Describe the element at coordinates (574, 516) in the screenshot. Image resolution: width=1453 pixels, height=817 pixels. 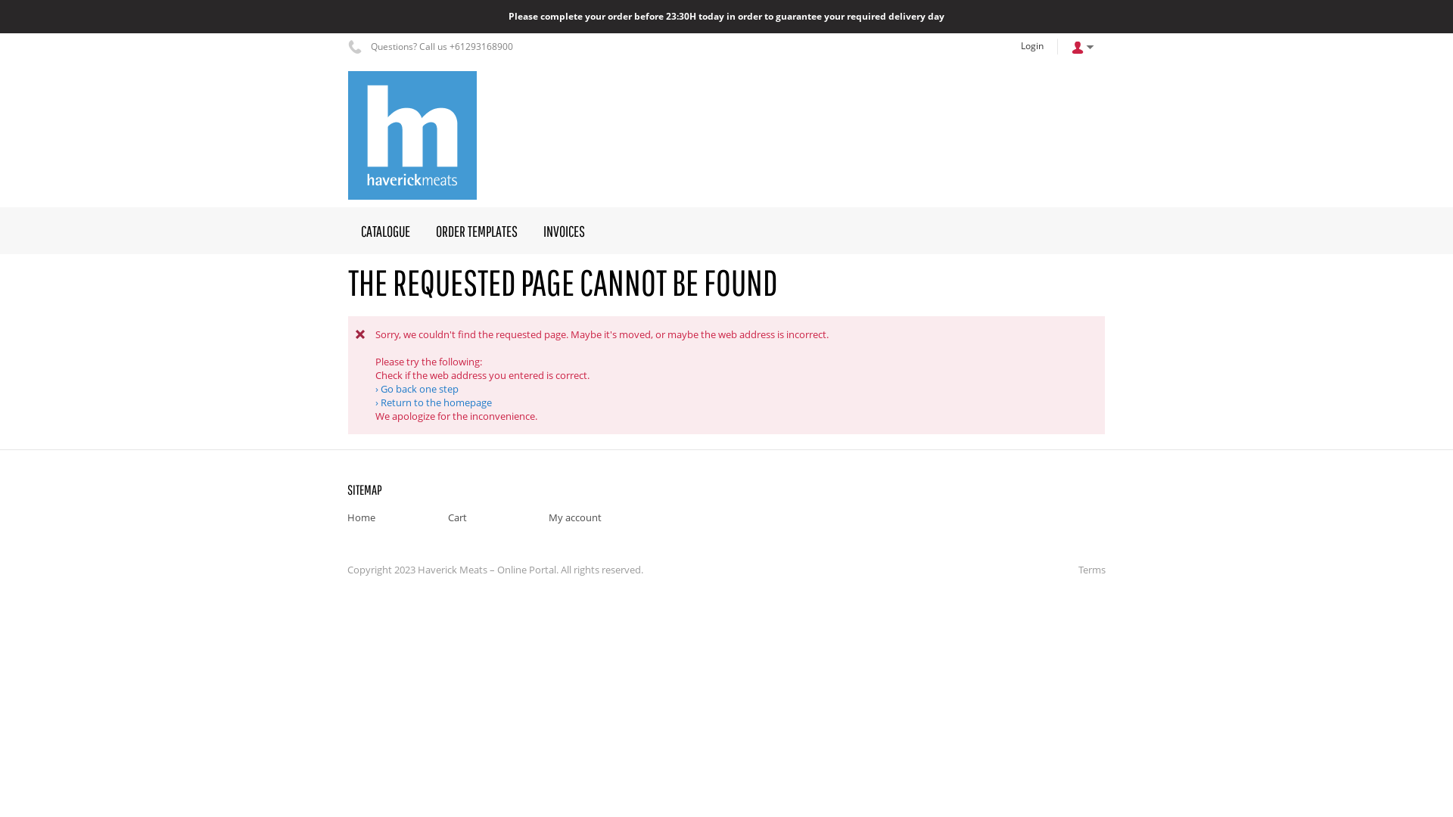
I see `'My account'` at that location.